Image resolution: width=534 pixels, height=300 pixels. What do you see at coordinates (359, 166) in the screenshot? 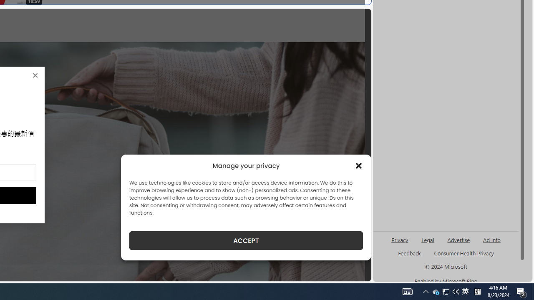
I see `'Class: cmplz-close'` at bounding box center [359, 166].